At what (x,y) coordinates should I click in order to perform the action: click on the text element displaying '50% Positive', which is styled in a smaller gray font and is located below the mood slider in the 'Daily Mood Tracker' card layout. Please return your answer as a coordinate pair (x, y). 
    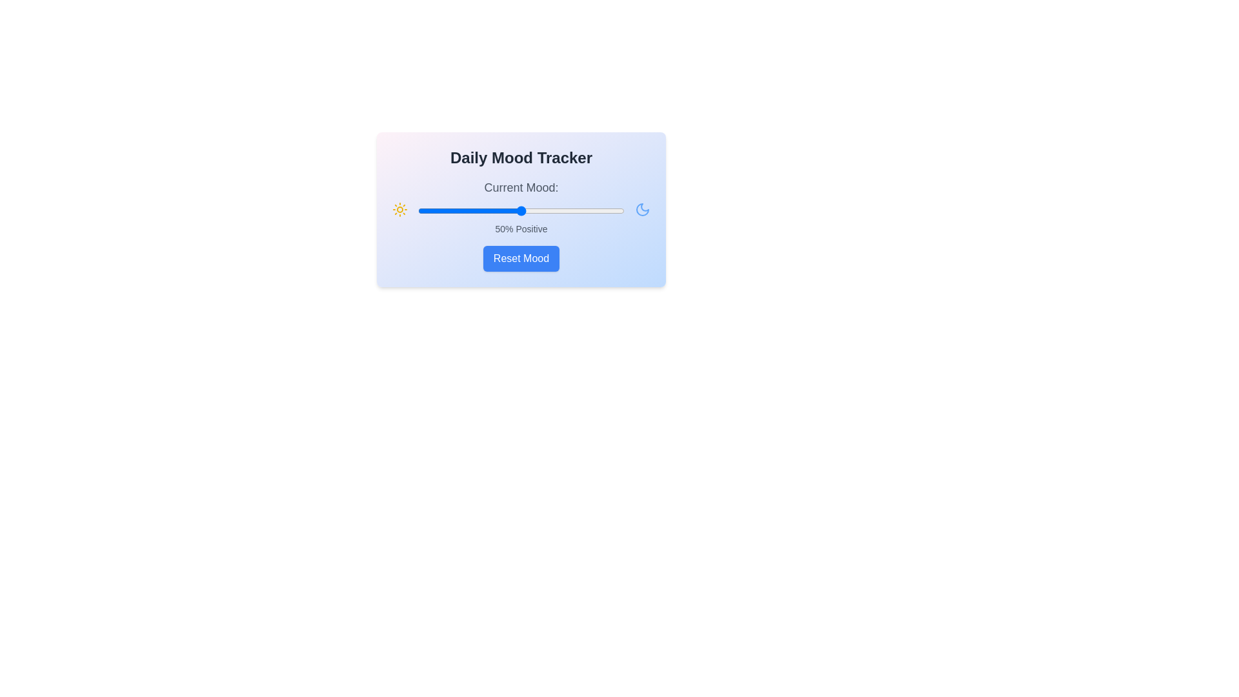
    Looking at the image, I should click on (521, 228).